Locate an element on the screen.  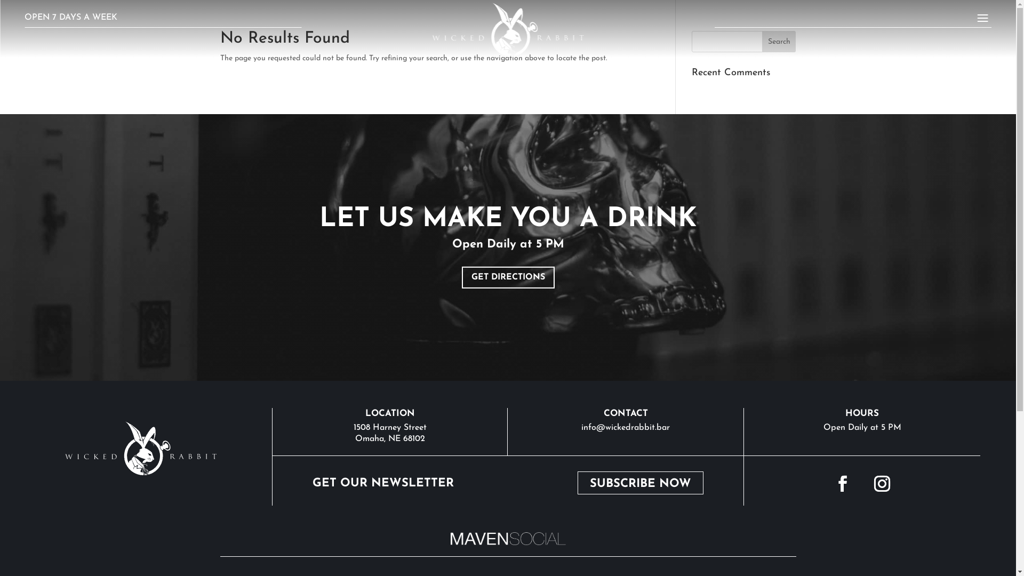
'SUBSCRIBE NOW' is located at coordinates (640, 483).